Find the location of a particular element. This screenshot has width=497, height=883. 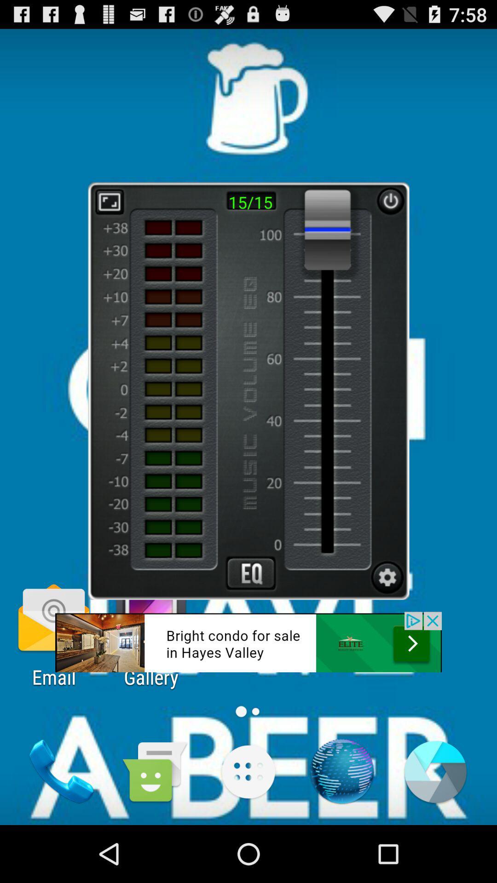

link button is located at coordinates (248, 642).